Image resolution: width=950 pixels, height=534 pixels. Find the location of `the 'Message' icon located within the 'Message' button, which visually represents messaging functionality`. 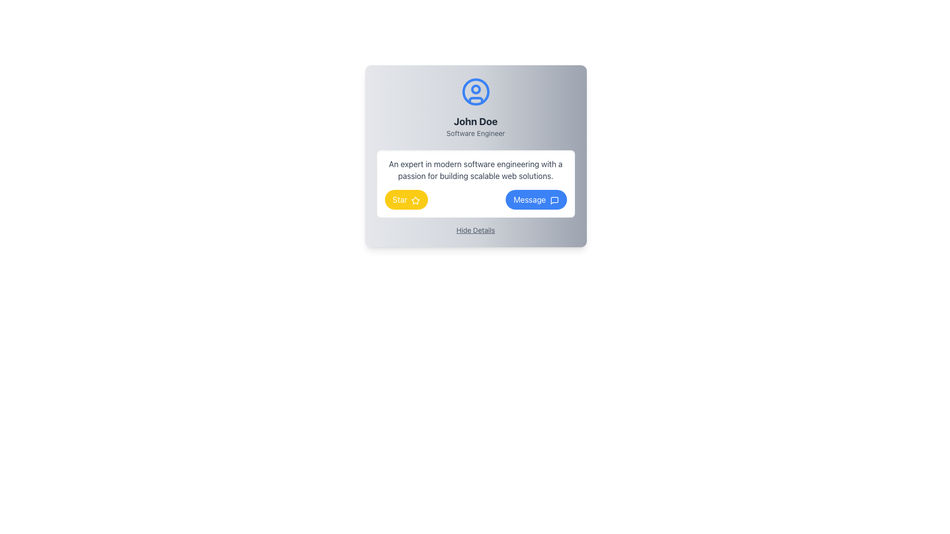

the 'Message' icon located within the 'Message' button, which visually represents messaging functionality is located at coordinates (554, 200).